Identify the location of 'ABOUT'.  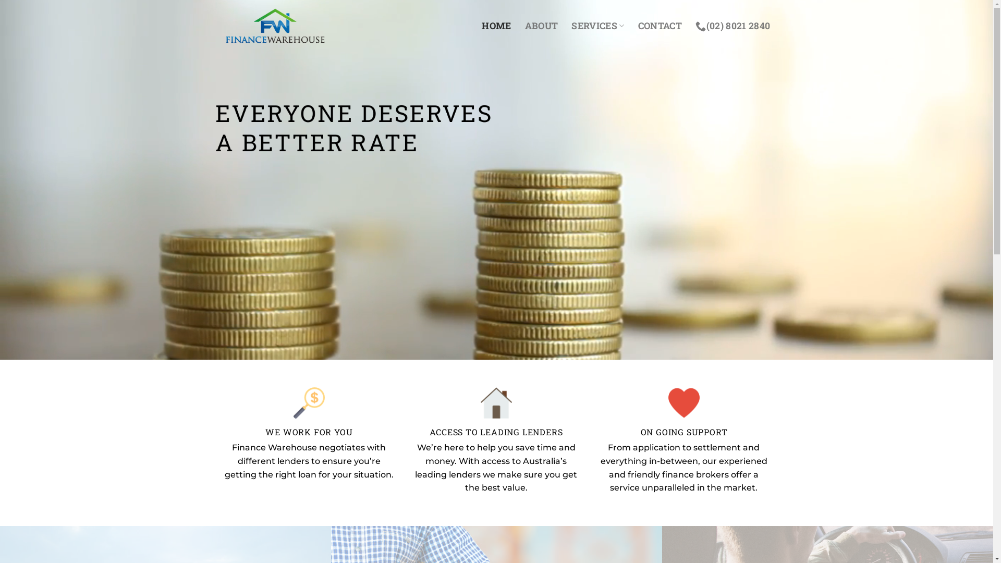
(541, 26).